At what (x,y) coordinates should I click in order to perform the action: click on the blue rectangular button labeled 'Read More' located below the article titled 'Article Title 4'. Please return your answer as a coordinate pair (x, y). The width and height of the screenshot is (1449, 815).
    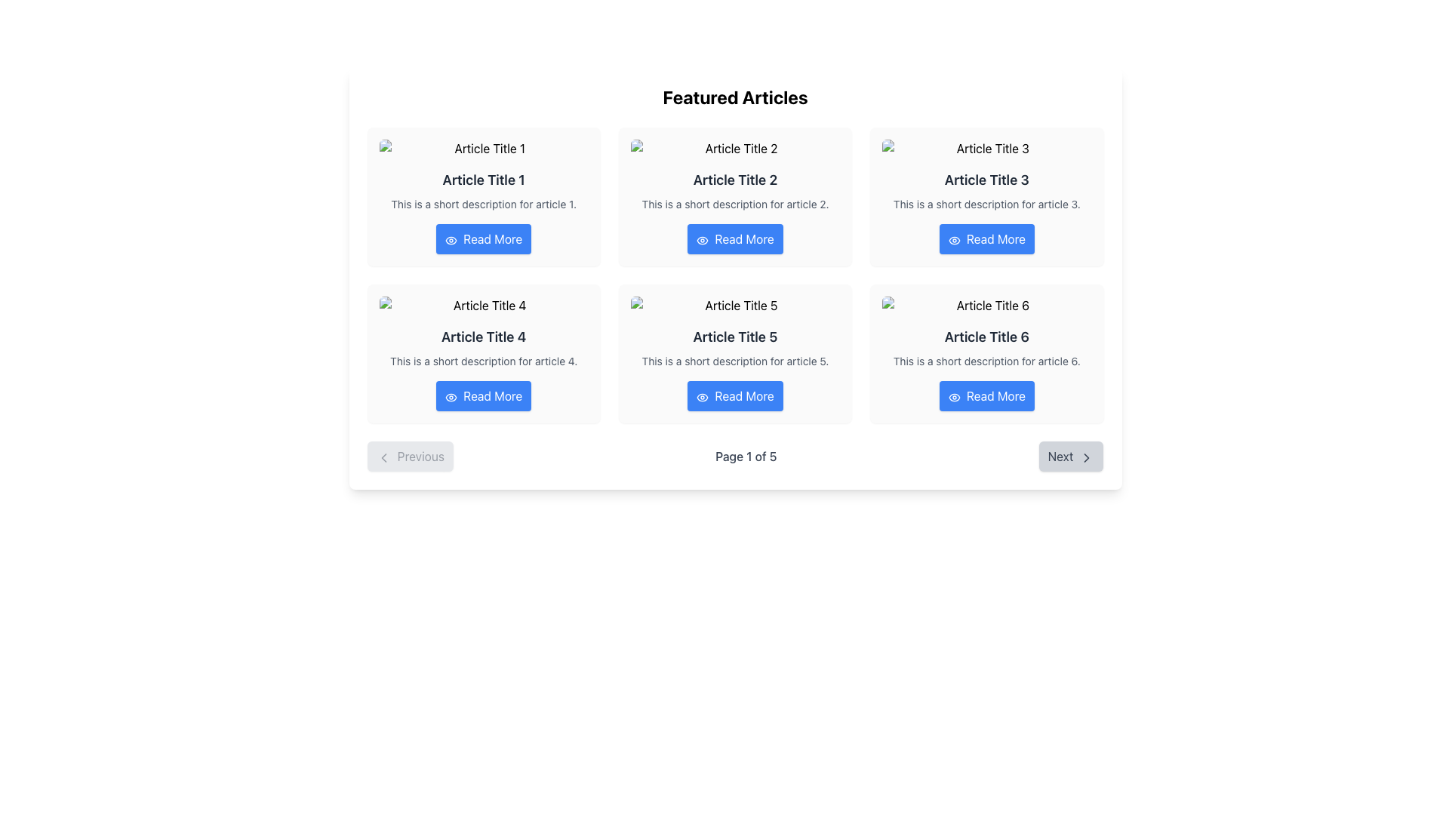
    Looking at the image, I should click on (484, 395).